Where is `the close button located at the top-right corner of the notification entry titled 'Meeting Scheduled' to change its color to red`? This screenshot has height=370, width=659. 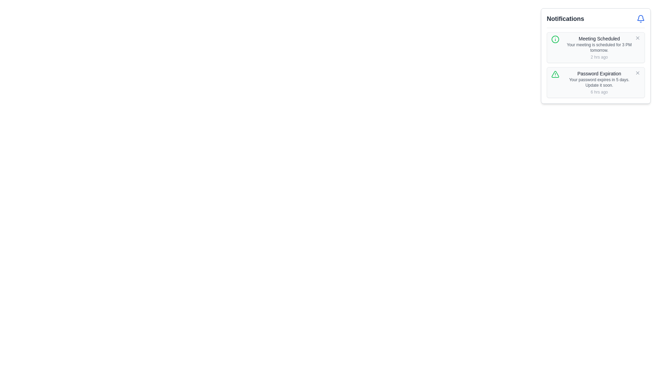 the close button located at the top-right corner of the notification entry titled 'Meeting Scheduled' to change its color to red is located at coordinates (637, 38).